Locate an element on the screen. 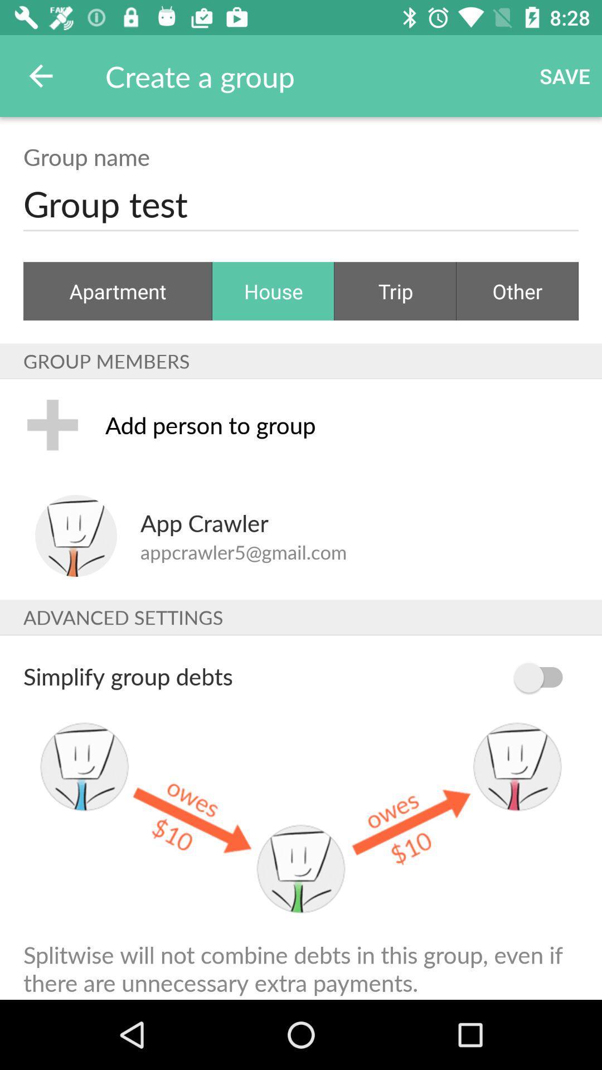 This screenshot has height=1070, width=602. the group test  item is located at coordinates (301, 207).